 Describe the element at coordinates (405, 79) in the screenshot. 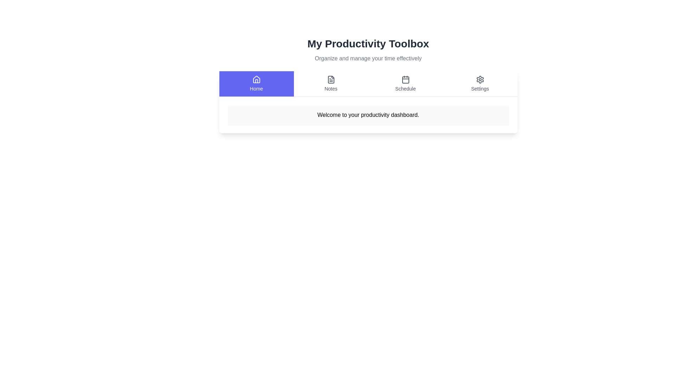

I see `the graphic element inside the 'Schedule' icon, which represents a specific date and is located between the 'Notes' icon and 'Settings' icon in the horizontal menu bar` at that location.